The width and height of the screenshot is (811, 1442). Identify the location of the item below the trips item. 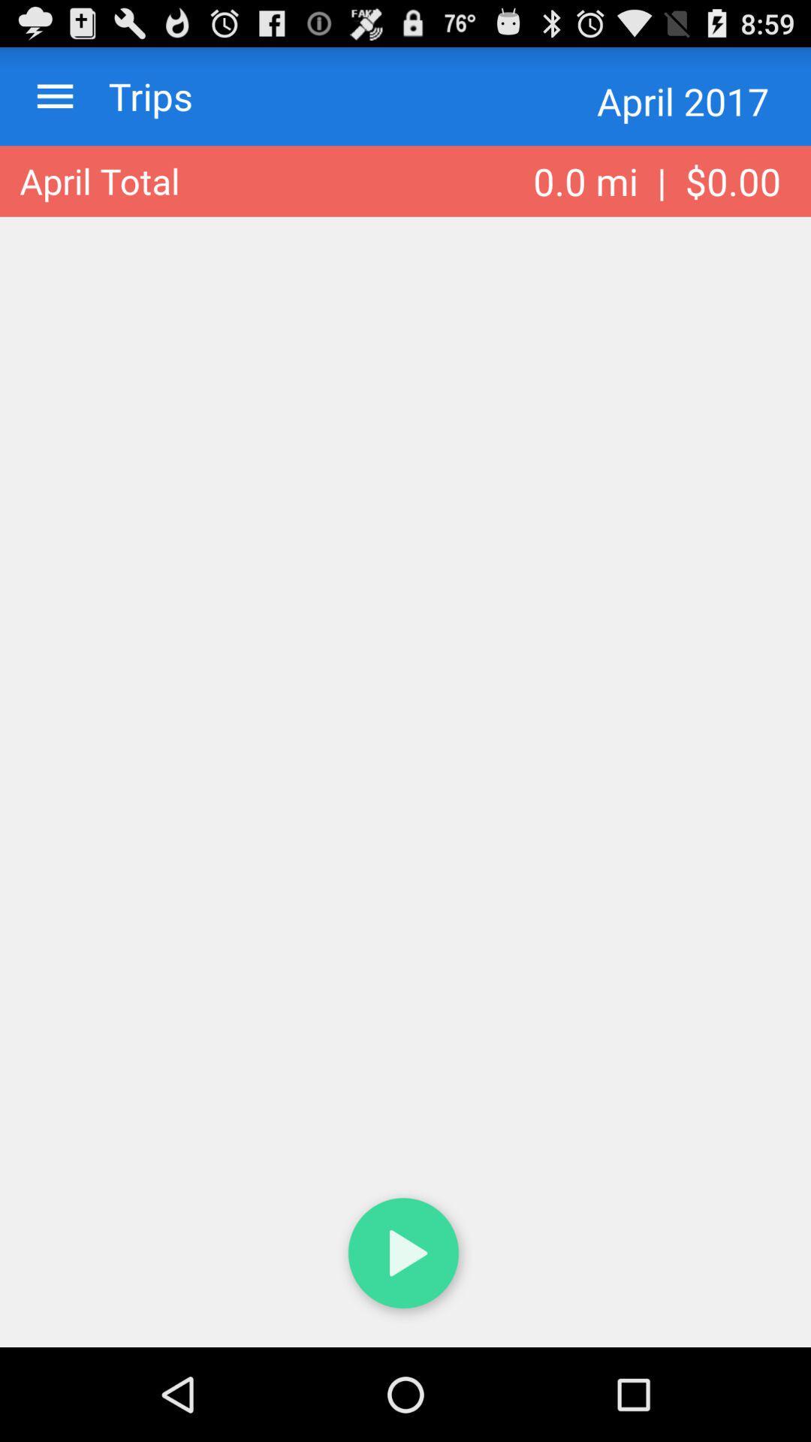
(99, 180).